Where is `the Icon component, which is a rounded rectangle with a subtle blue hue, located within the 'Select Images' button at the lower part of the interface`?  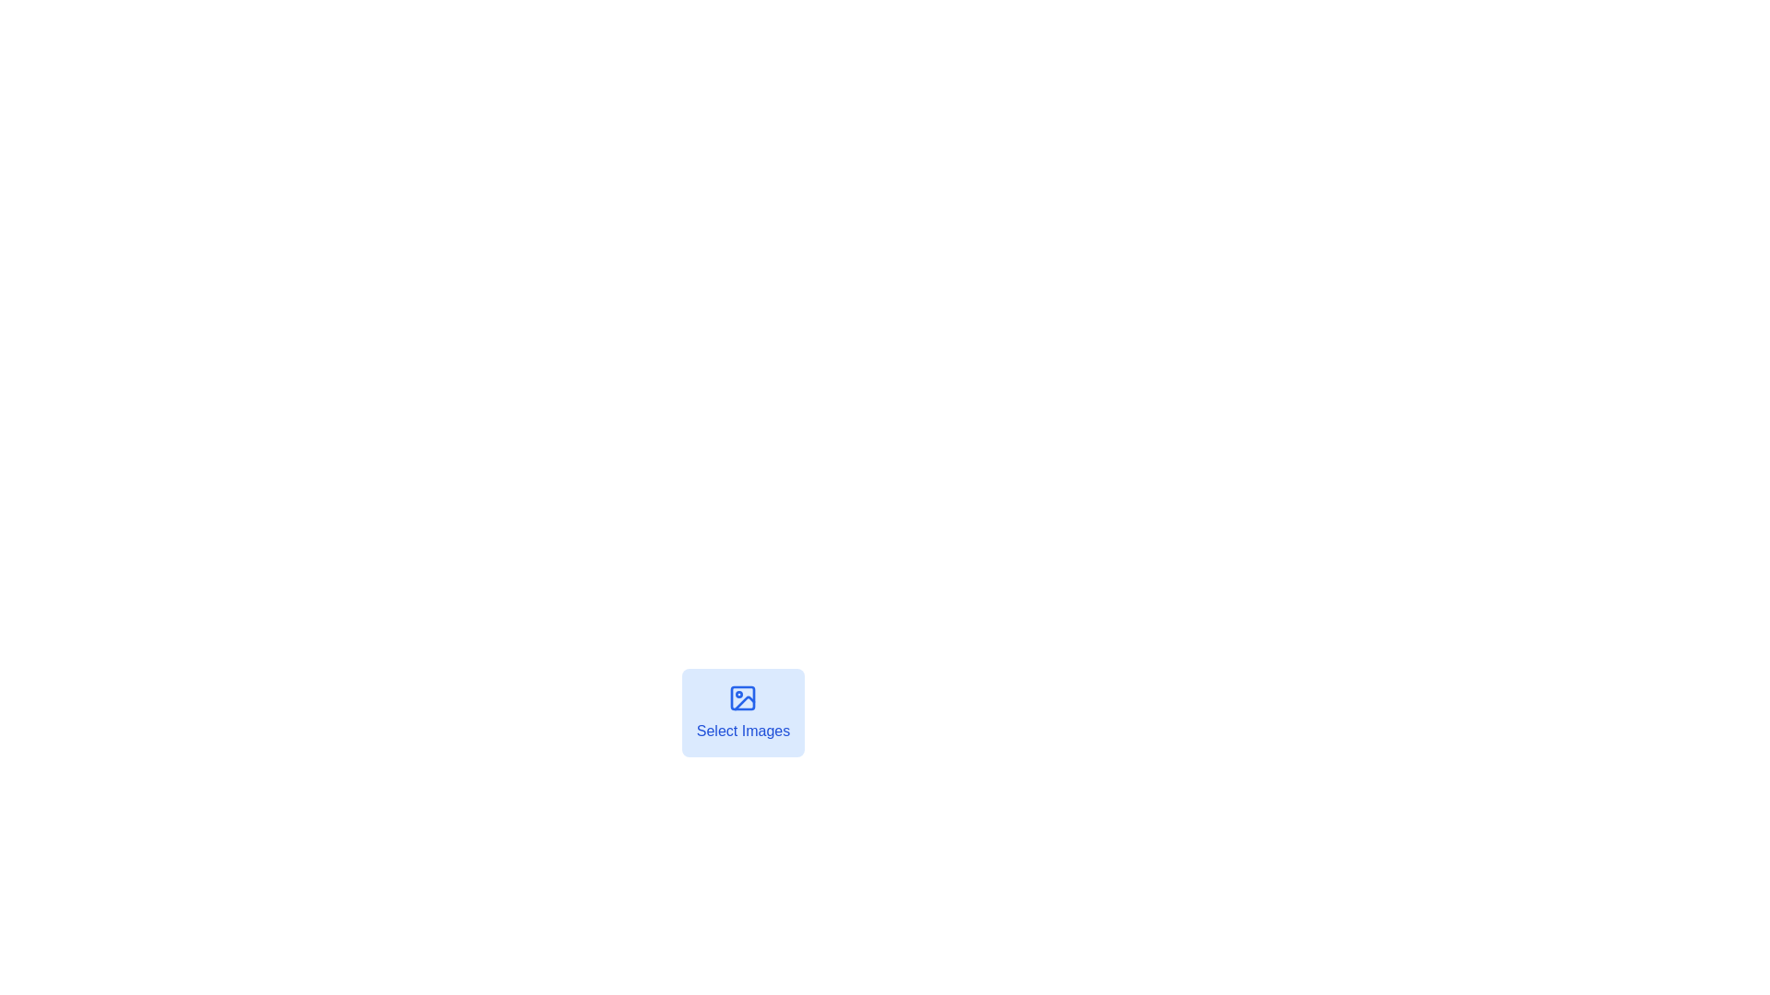
the Icon component, which is a rounded rectangle with a subtle blue hue, located within the 'Select Images' button at the lower part of the interface is located at coordinates (743, 698).